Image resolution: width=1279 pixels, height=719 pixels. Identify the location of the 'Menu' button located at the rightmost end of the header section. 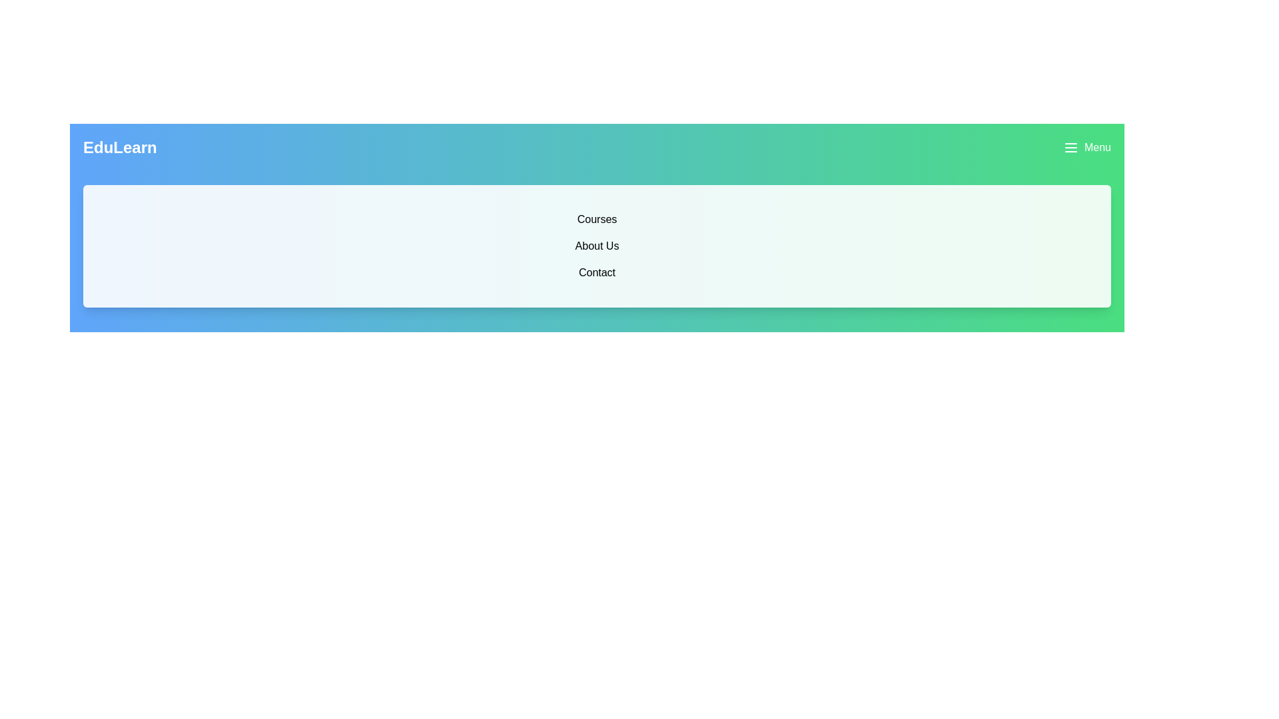
(1087, 148).